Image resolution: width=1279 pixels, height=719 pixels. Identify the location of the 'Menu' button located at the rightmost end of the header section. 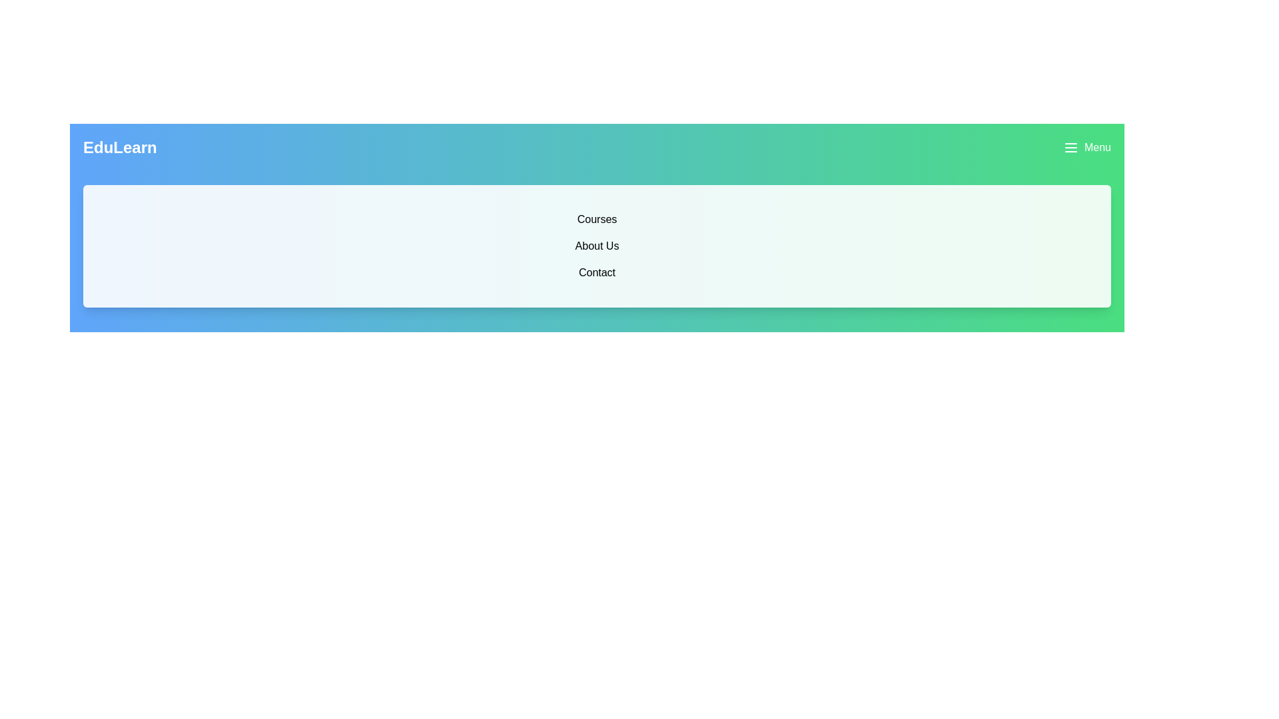
(1087, 148).